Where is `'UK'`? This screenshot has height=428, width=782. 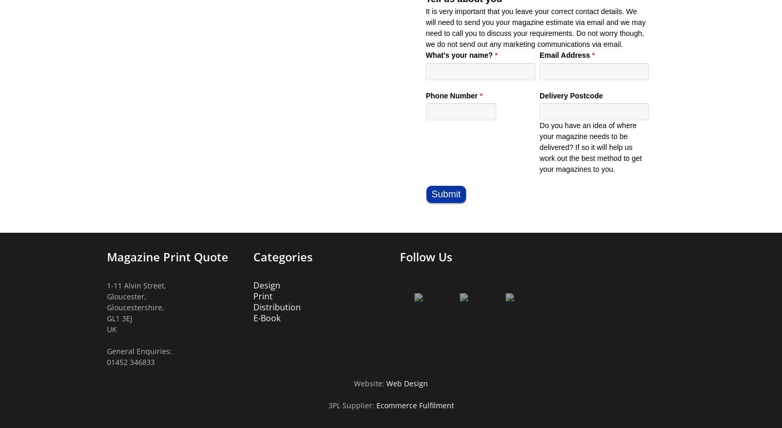 'UK' is located at coordinates (111, 329).